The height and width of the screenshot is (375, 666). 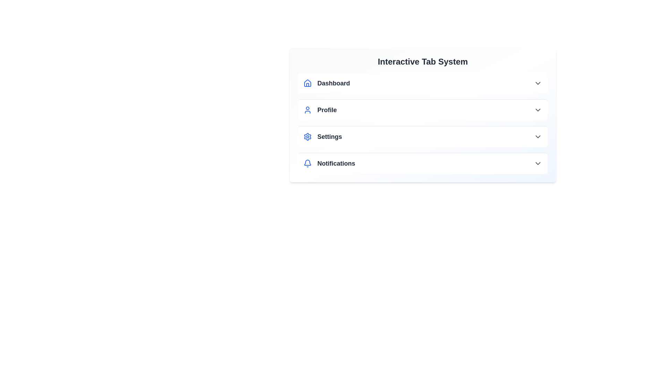 What do you see at coordinates (307, 162) in the screenshot?
I see `the notification icon located in the 'Notifications' section of the tab system` at bounding box center [307, 162].